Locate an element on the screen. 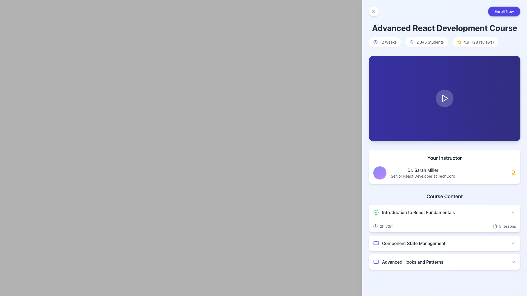  the Text label displaying the instructor's name, located near the center-right of the card, above the subtitle 'Senior React Developer at TechCorp' is located at coordinates (423, 170).